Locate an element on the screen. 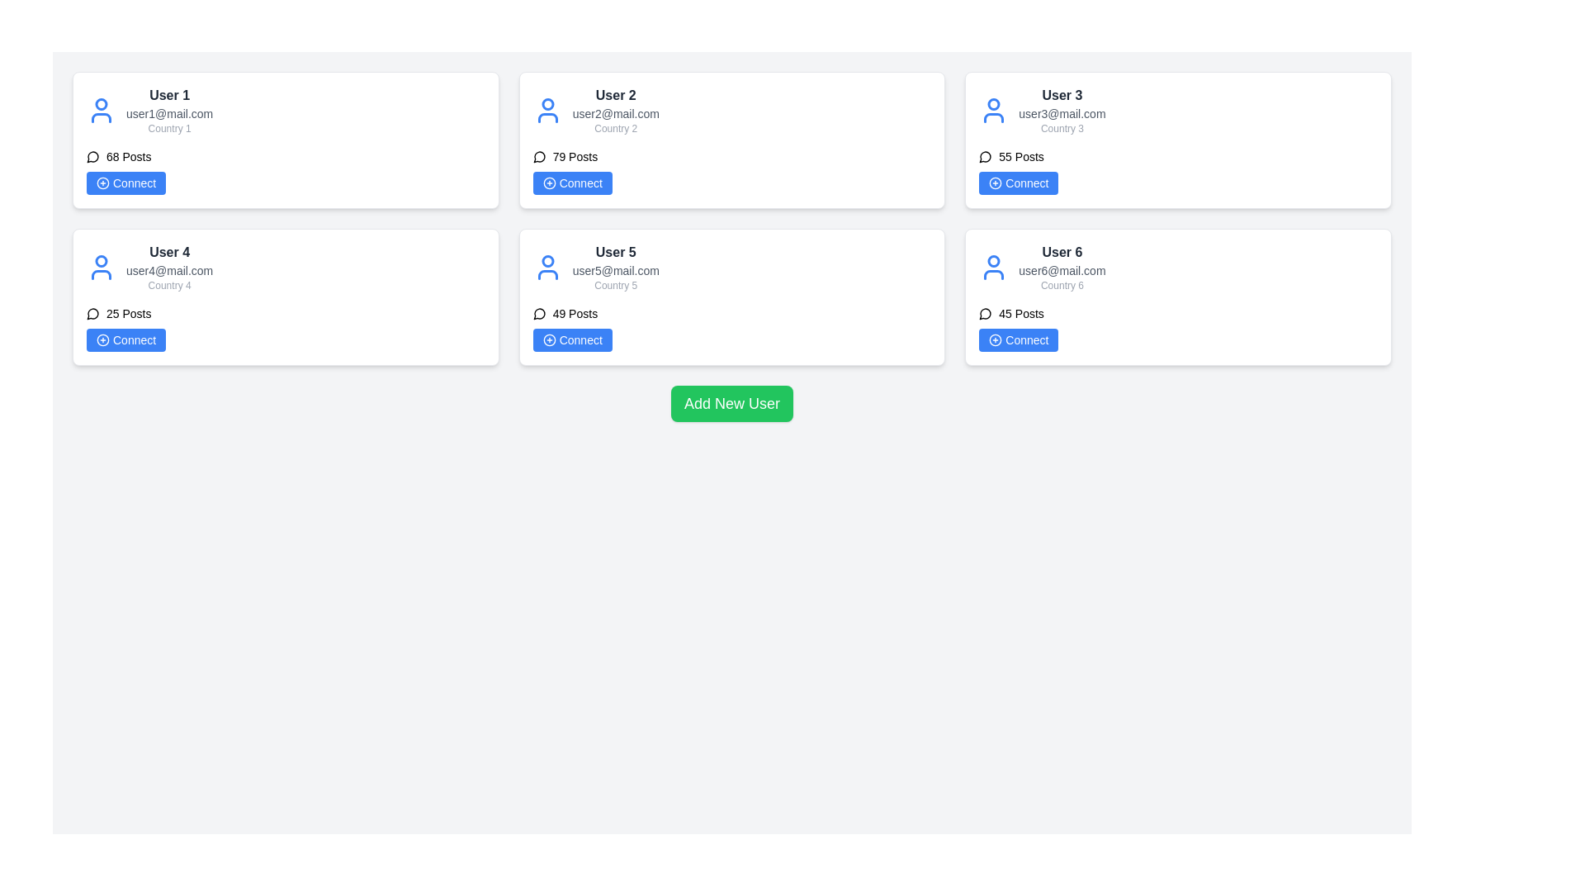 The image size is (1585, 892). the blue user profile icon located in the upper-left section of the 'User 6' card is located at coordinates (993, 267).